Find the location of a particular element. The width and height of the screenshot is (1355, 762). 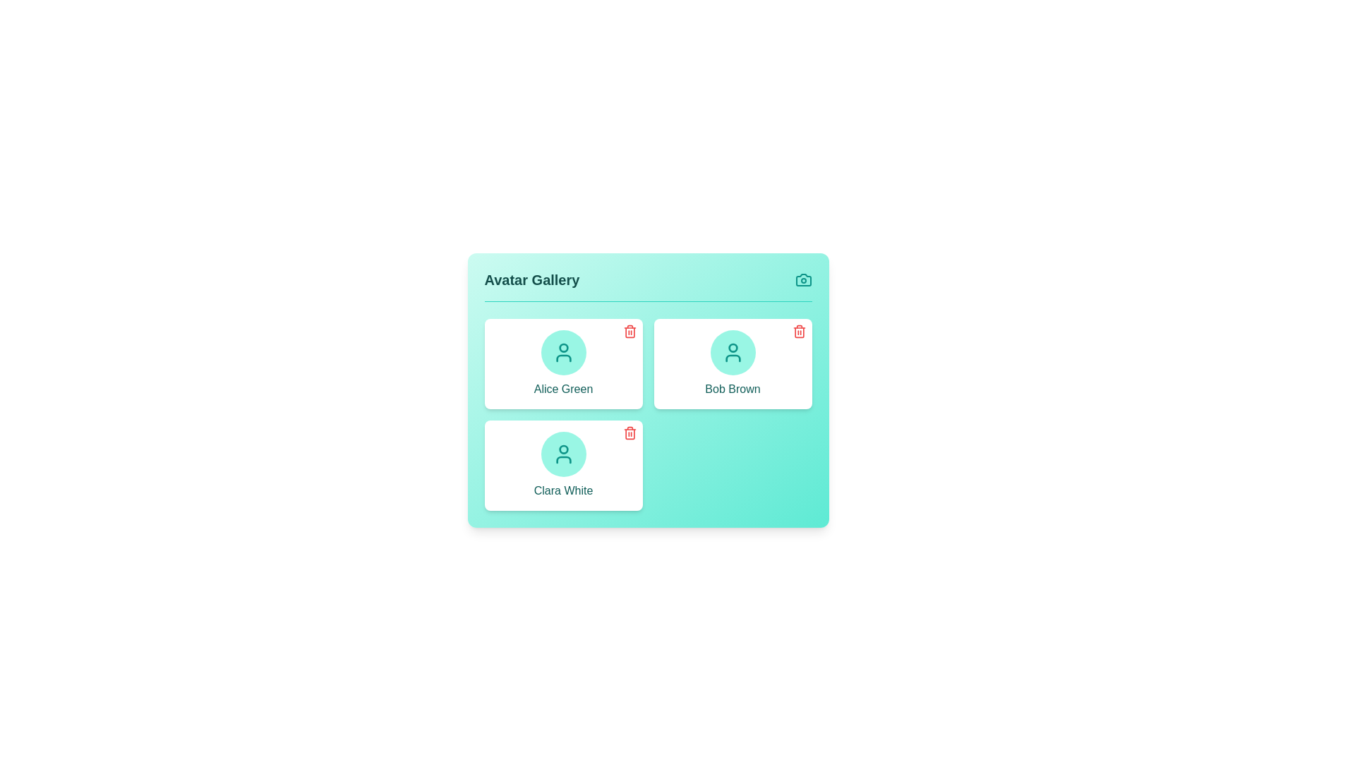

the camera icon with a teal stroke color located at the top-right corner of the toolbar is located at coordinates (803, 280).